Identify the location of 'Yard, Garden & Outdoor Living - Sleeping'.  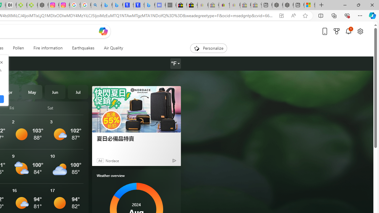
(256, 5).